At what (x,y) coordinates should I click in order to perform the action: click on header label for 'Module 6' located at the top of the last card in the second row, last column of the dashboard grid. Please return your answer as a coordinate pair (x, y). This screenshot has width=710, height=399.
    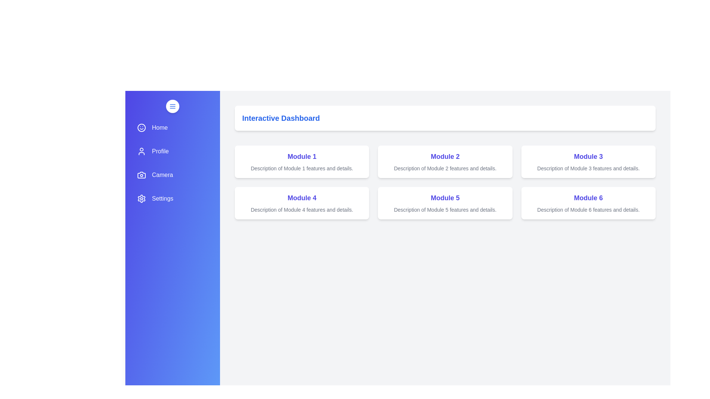
    Looking at the image, I should click on (588, 198).